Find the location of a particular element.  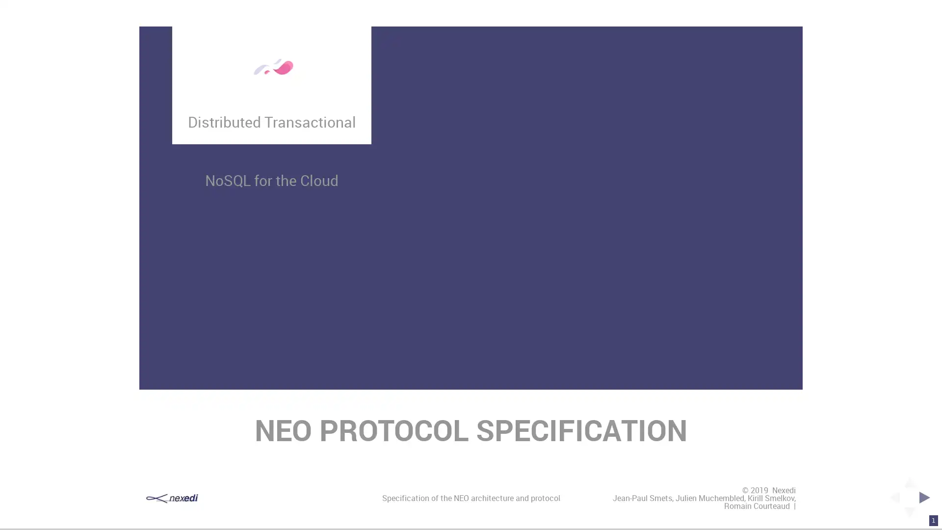

next slide is located at coordinates (927, 497).